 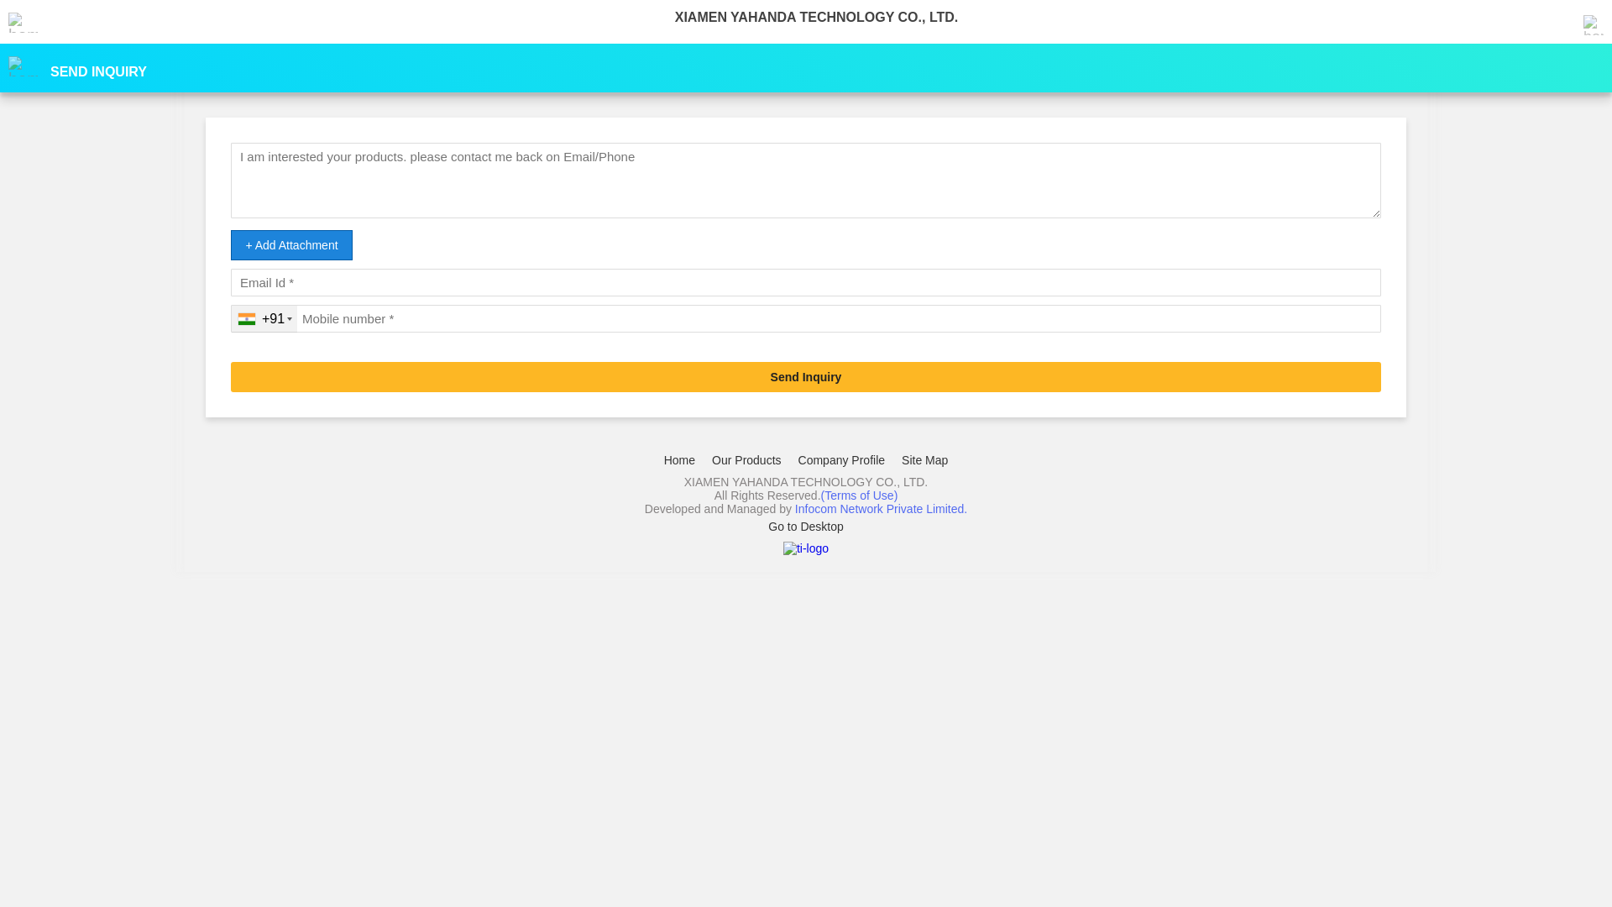 I want to click on 'Infocom Network Private Limited.', so click(x=793, y=507).